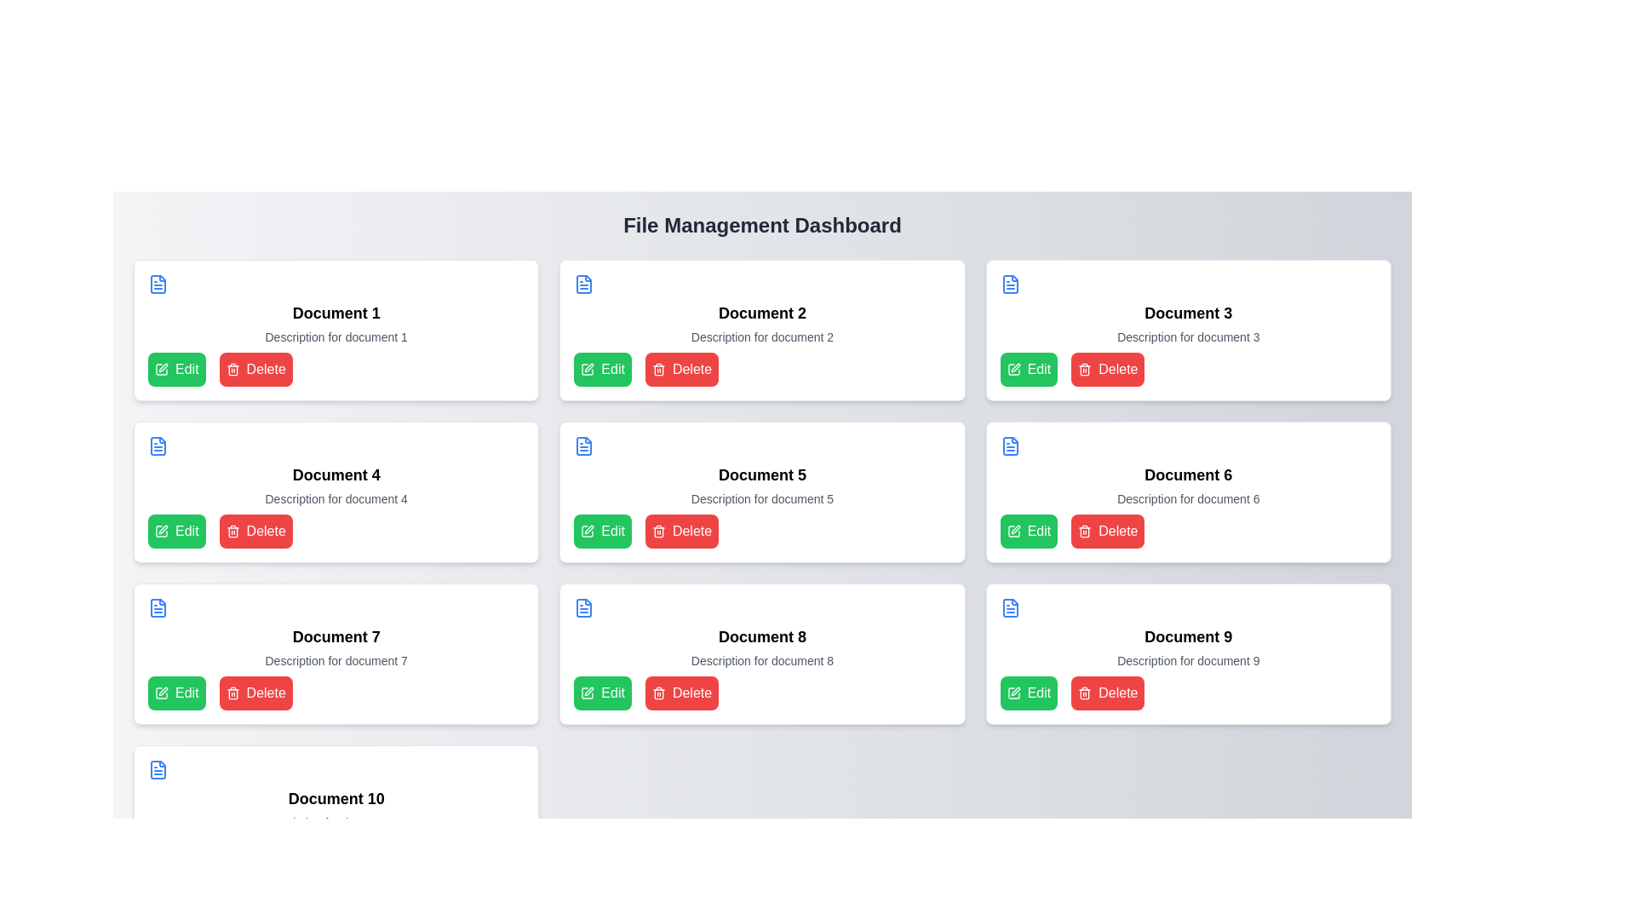 This screenshot has width=1635, height=920. Describe the element at coordinates (1187, 475) in the screenshot. I see `the title text located in the second row, third column of the grid, which identifies the content of the associated card` at that location.